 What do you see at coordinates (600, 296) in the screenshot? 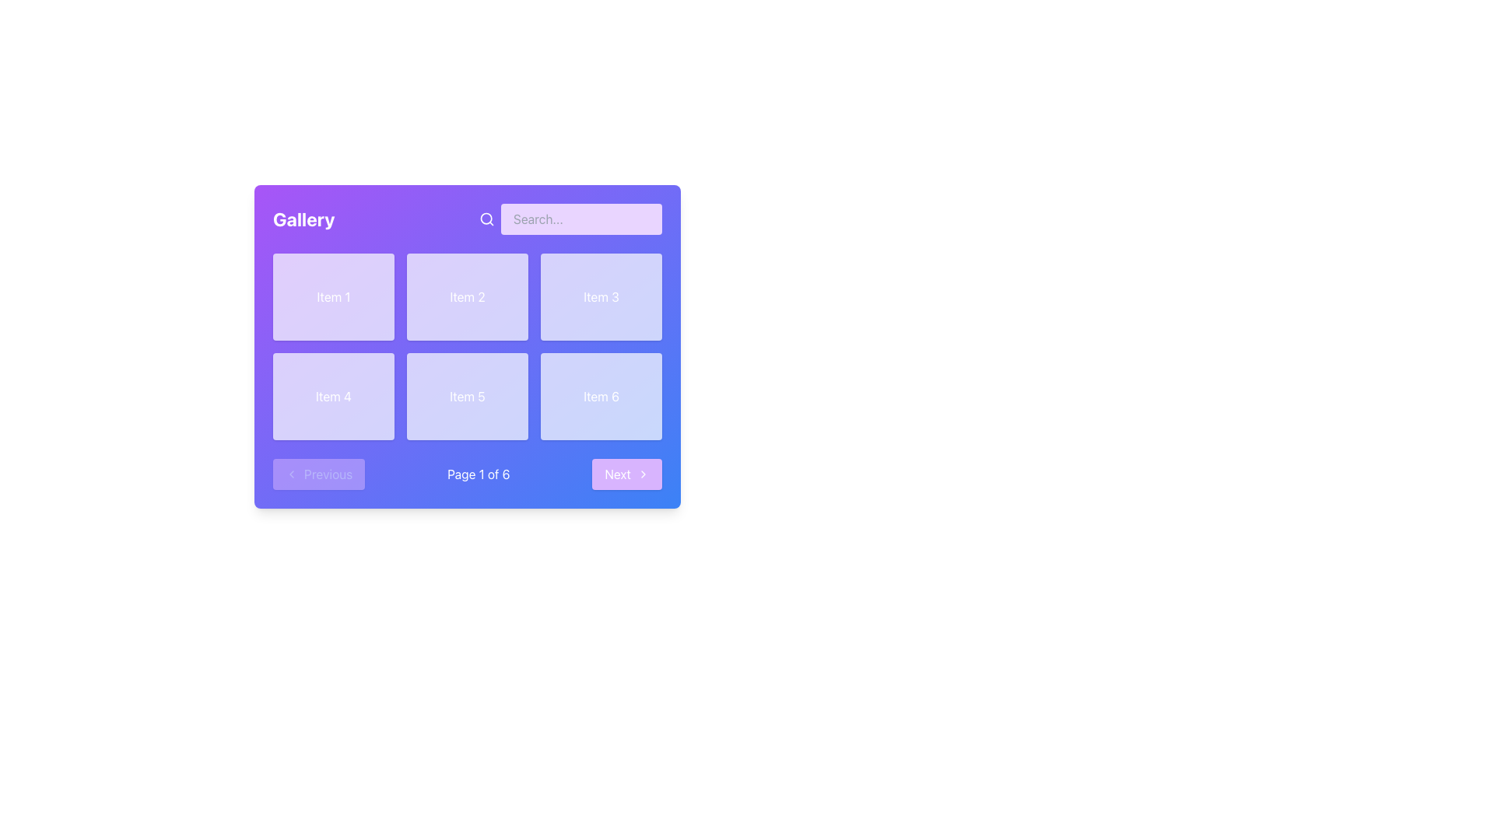
I see `the 'Item 3' text label in the grid layout` at bounding box center [600, 296].